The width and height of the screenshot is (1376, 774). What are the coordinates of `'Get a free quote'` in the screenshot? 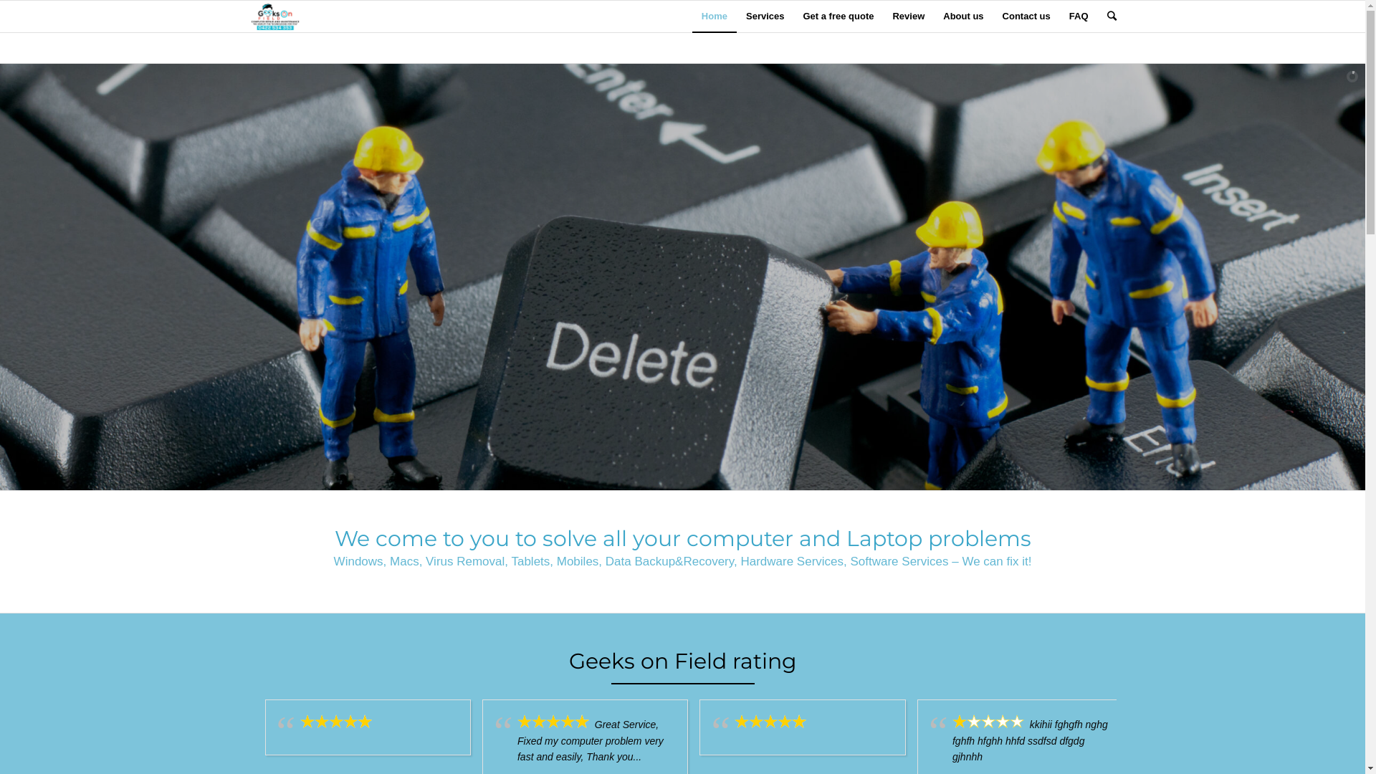 It's located at (838, 16).